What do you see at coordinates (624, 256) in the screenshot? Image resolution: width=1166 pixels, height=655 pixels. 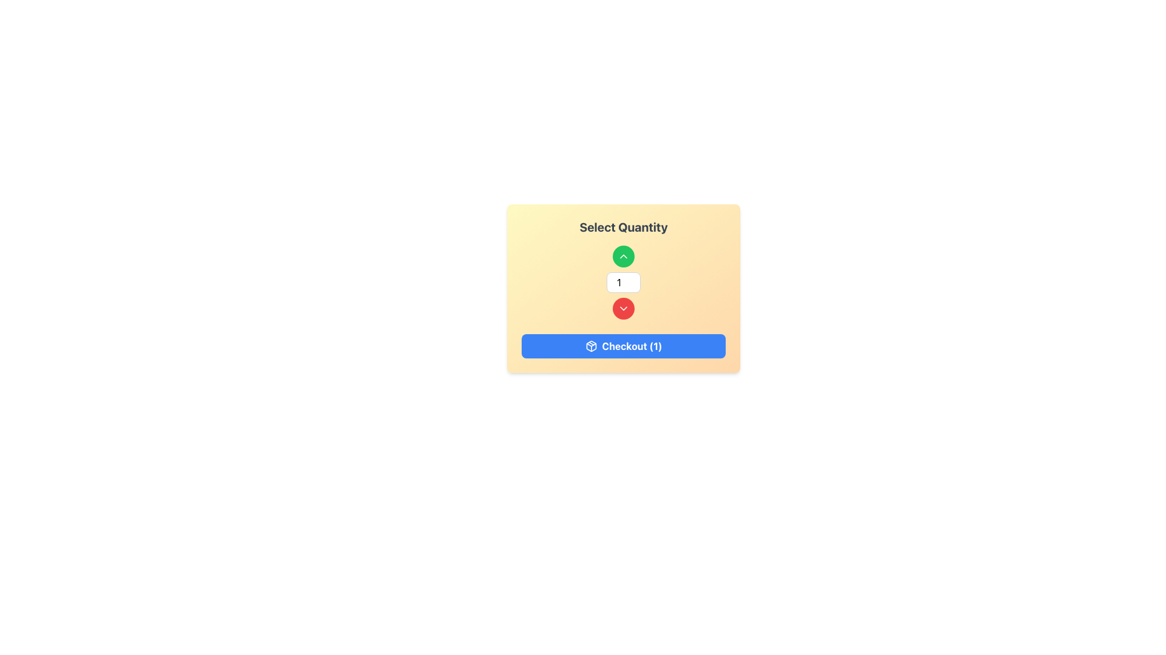 I see `the circular green button with a white upward-pointing chevron icon to increment the quantity` at bounding box center [624, 256].